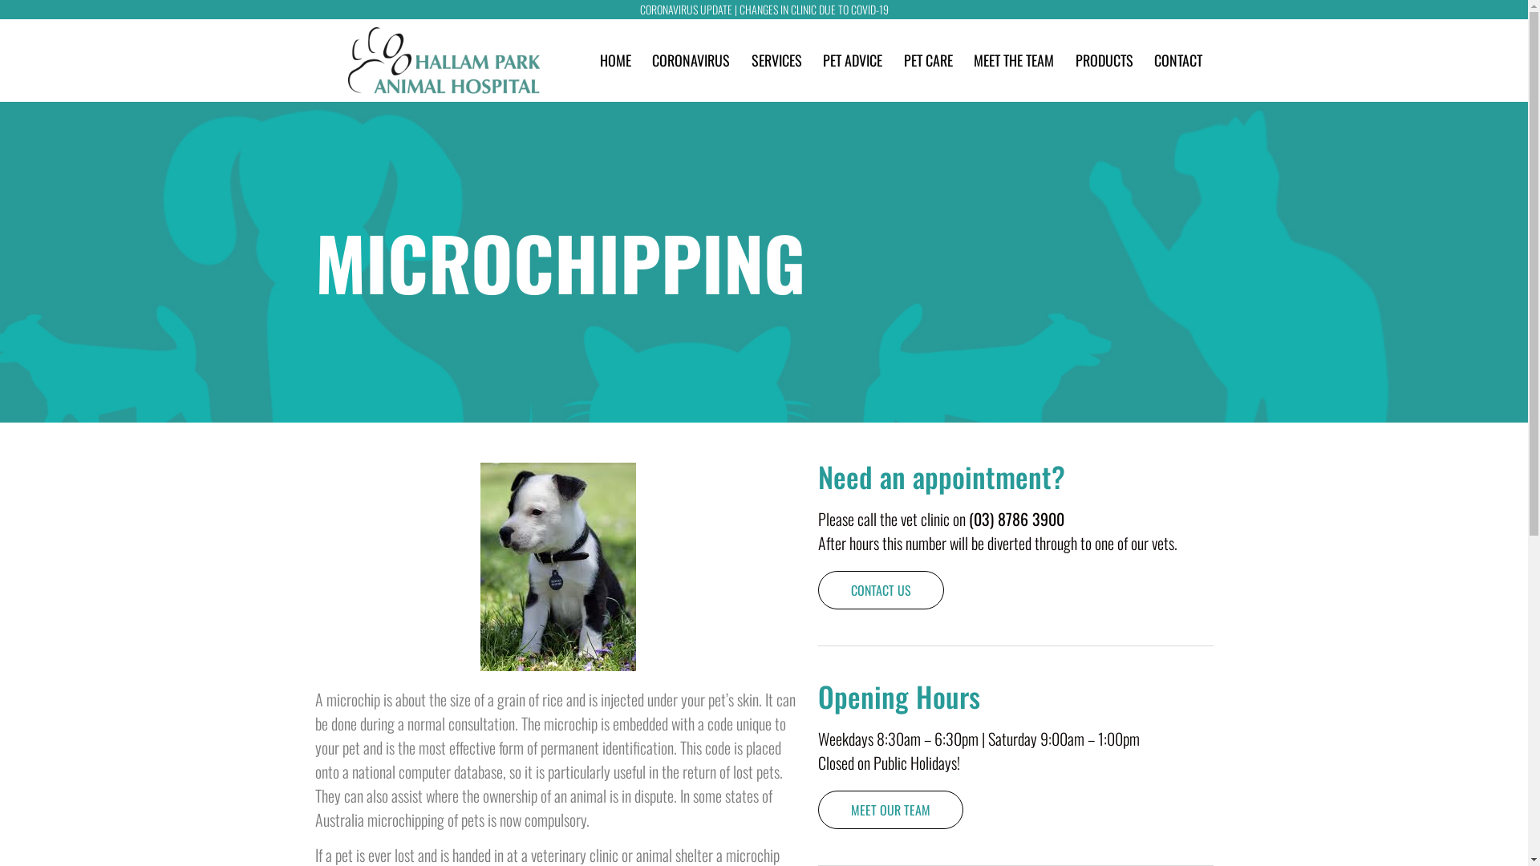  Describe the element at coordinates (614, 59) in the screenshot. I see `'HOME'` at that location.